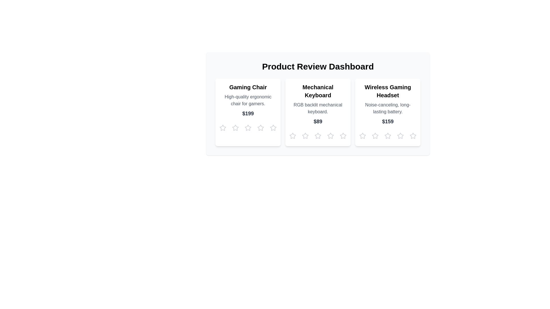 Image resolution: width=550 pixels, height=309 pixels. I want to click on the star corresponding to 3 for the product Gaming Chair, so click(248, 128).